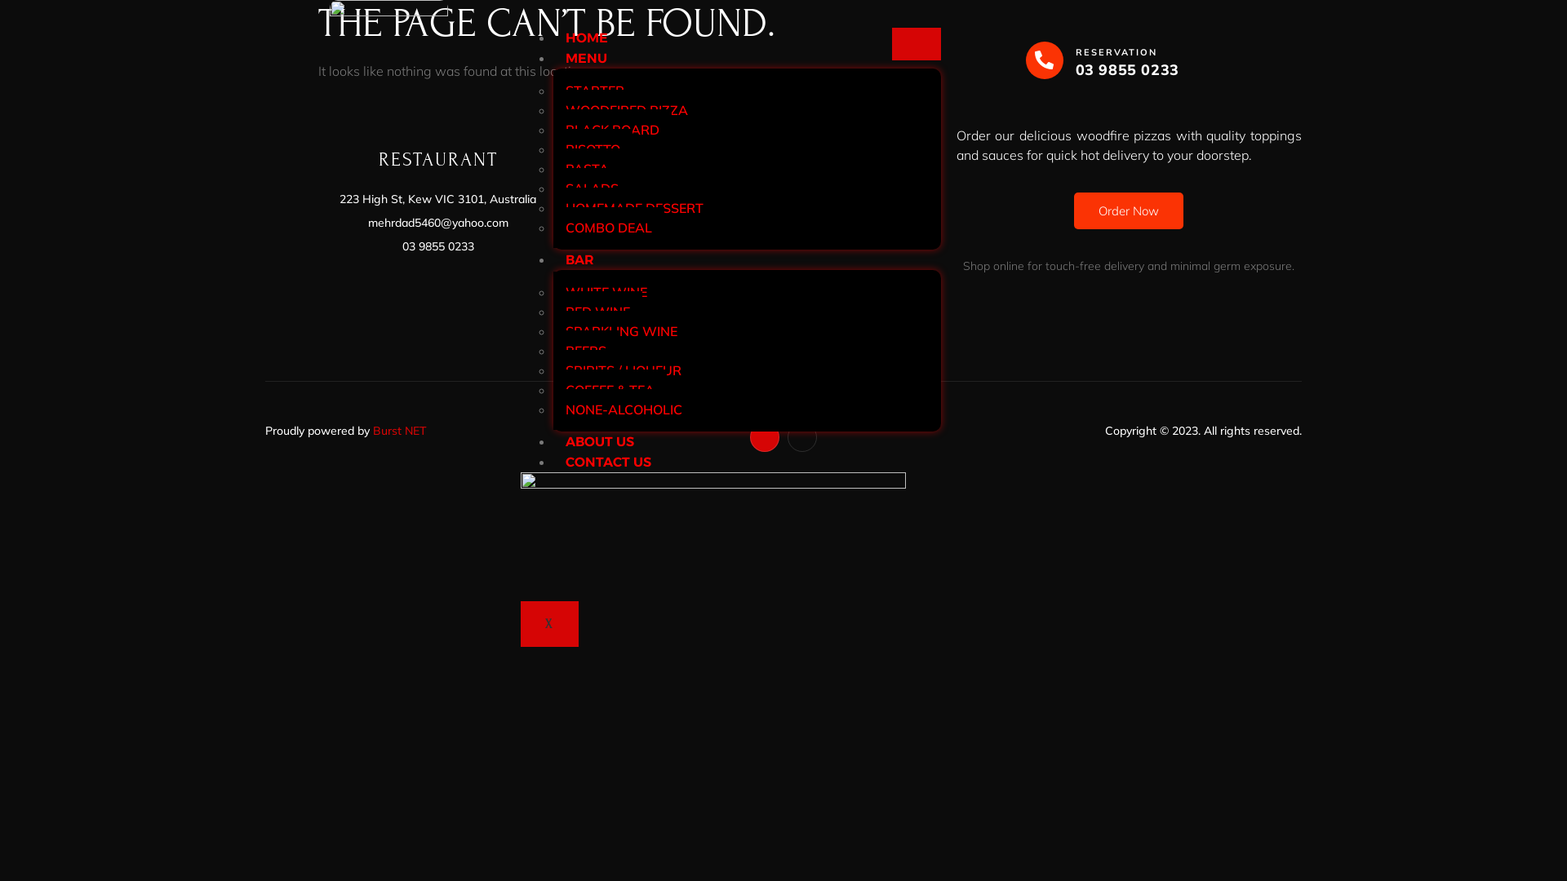 This screenshot has width=1567, height=881. I want to click on 'WOODFIRED PIZZA', so click(626, 110).